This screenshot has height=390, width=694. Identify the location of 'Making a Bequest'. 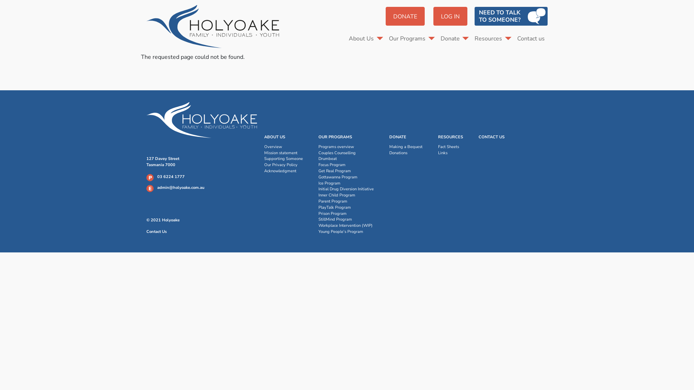
(406, 147).